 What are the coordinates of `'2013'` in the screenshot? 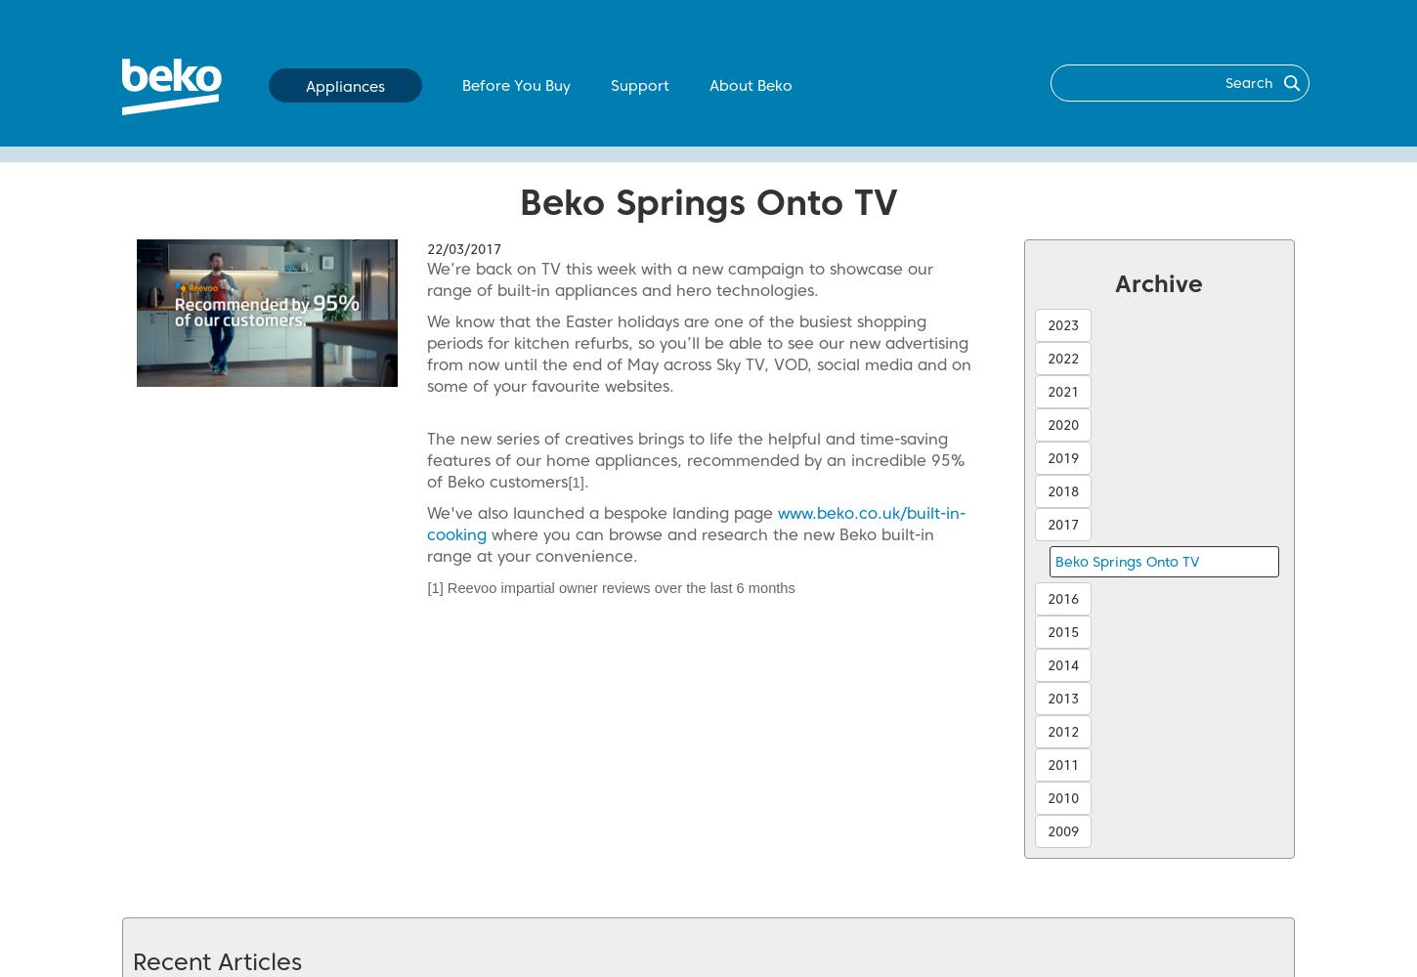 It's located at (1062, 698).